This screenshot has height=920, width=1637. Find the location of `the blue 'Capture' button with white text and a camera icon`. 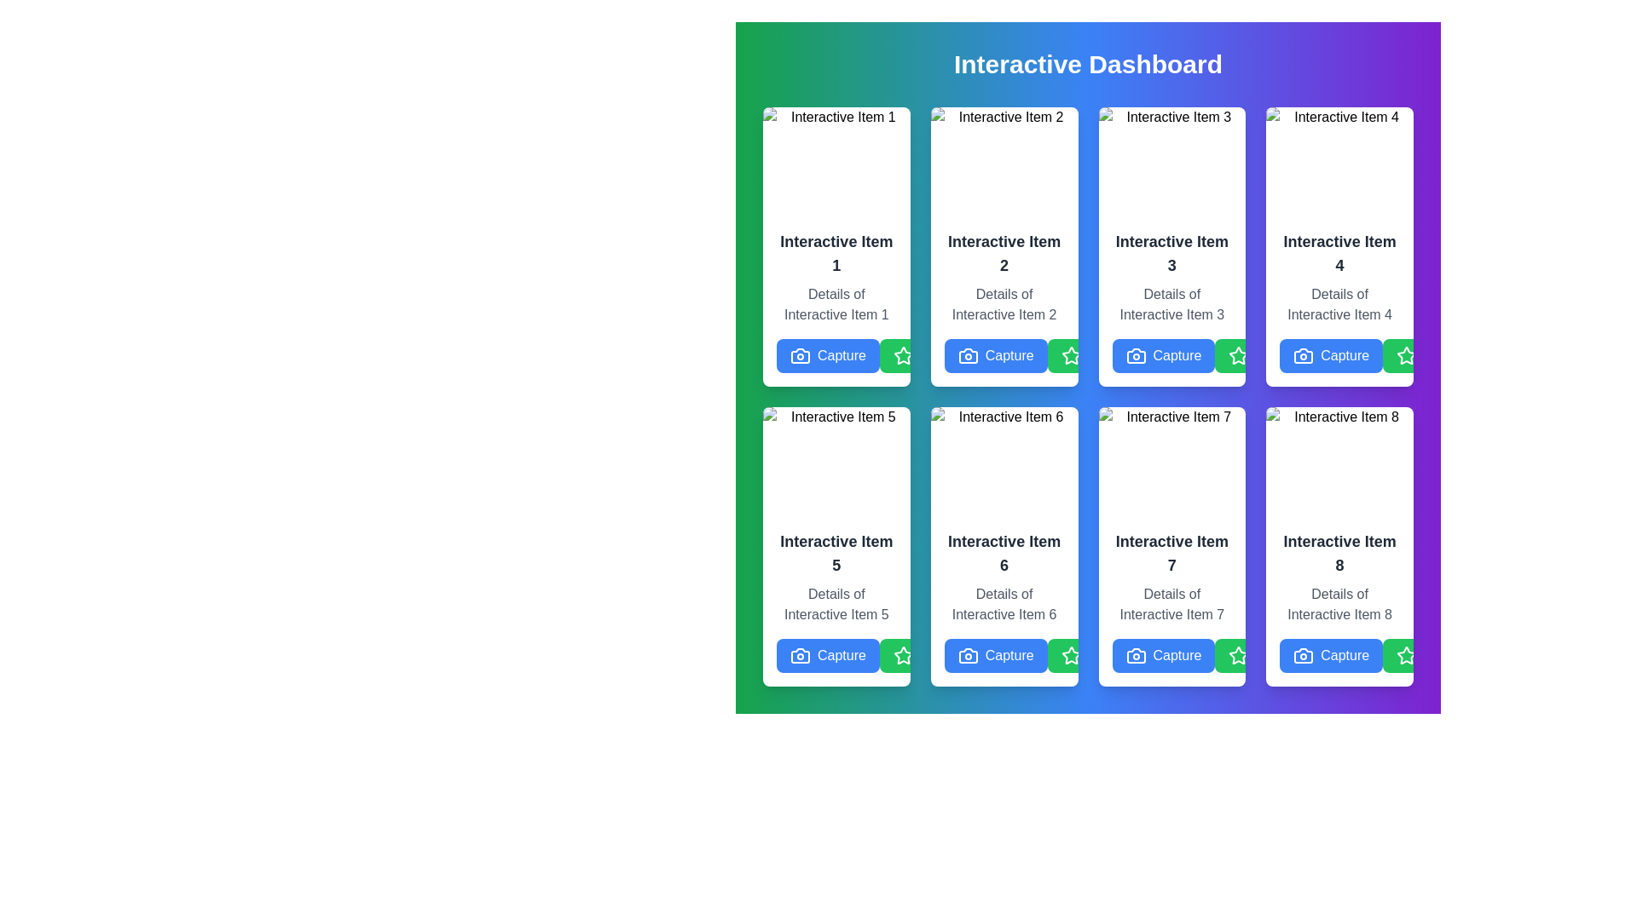

the blue 'Capture' button with white text and a camera icon is located at coordinates (1004, 354).